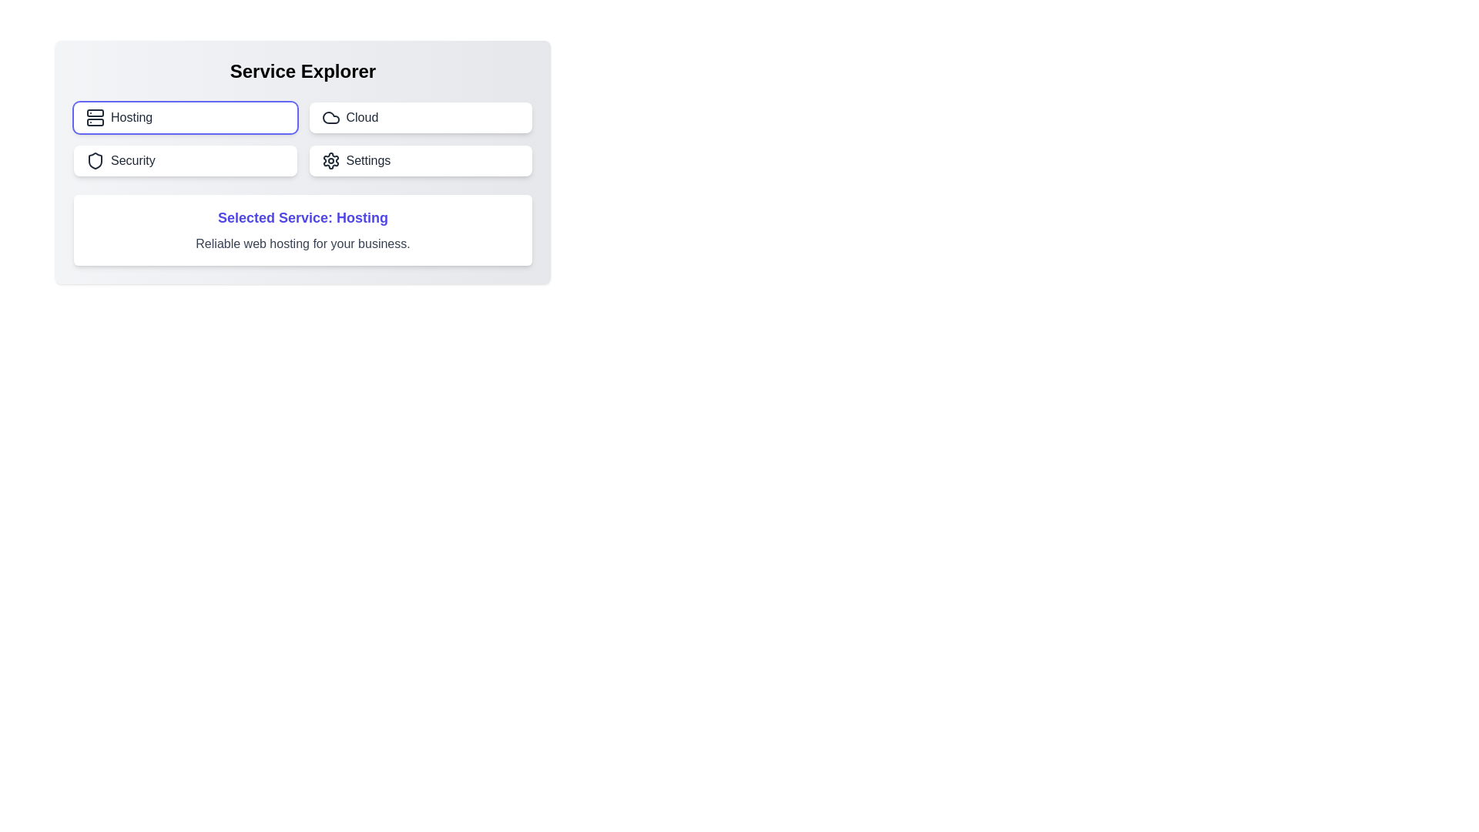 Image resolution: width=1479 pixels, height=832 pixels. Describe the element at coordinates (330, 160) in the screenshot. I see `the cogwheel icon within the 'Settings' button` at that location.